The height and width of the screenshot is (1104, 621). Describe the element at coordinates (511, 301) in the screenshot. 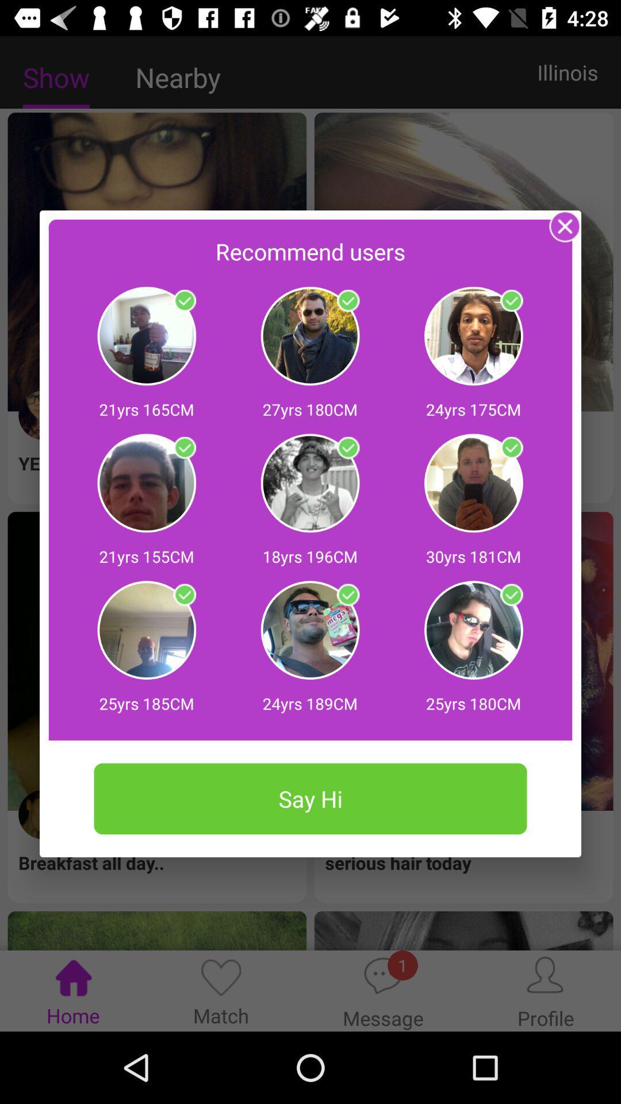

I see `advertisement` at that location.